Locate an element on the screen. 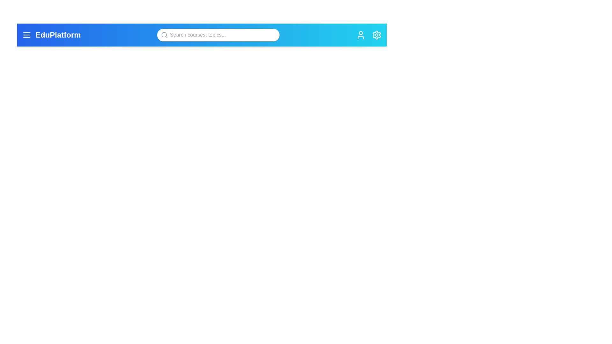 This screenshot has width=612, height=344. the user icon to access user profile or account options is located at coordinates (361, 35).